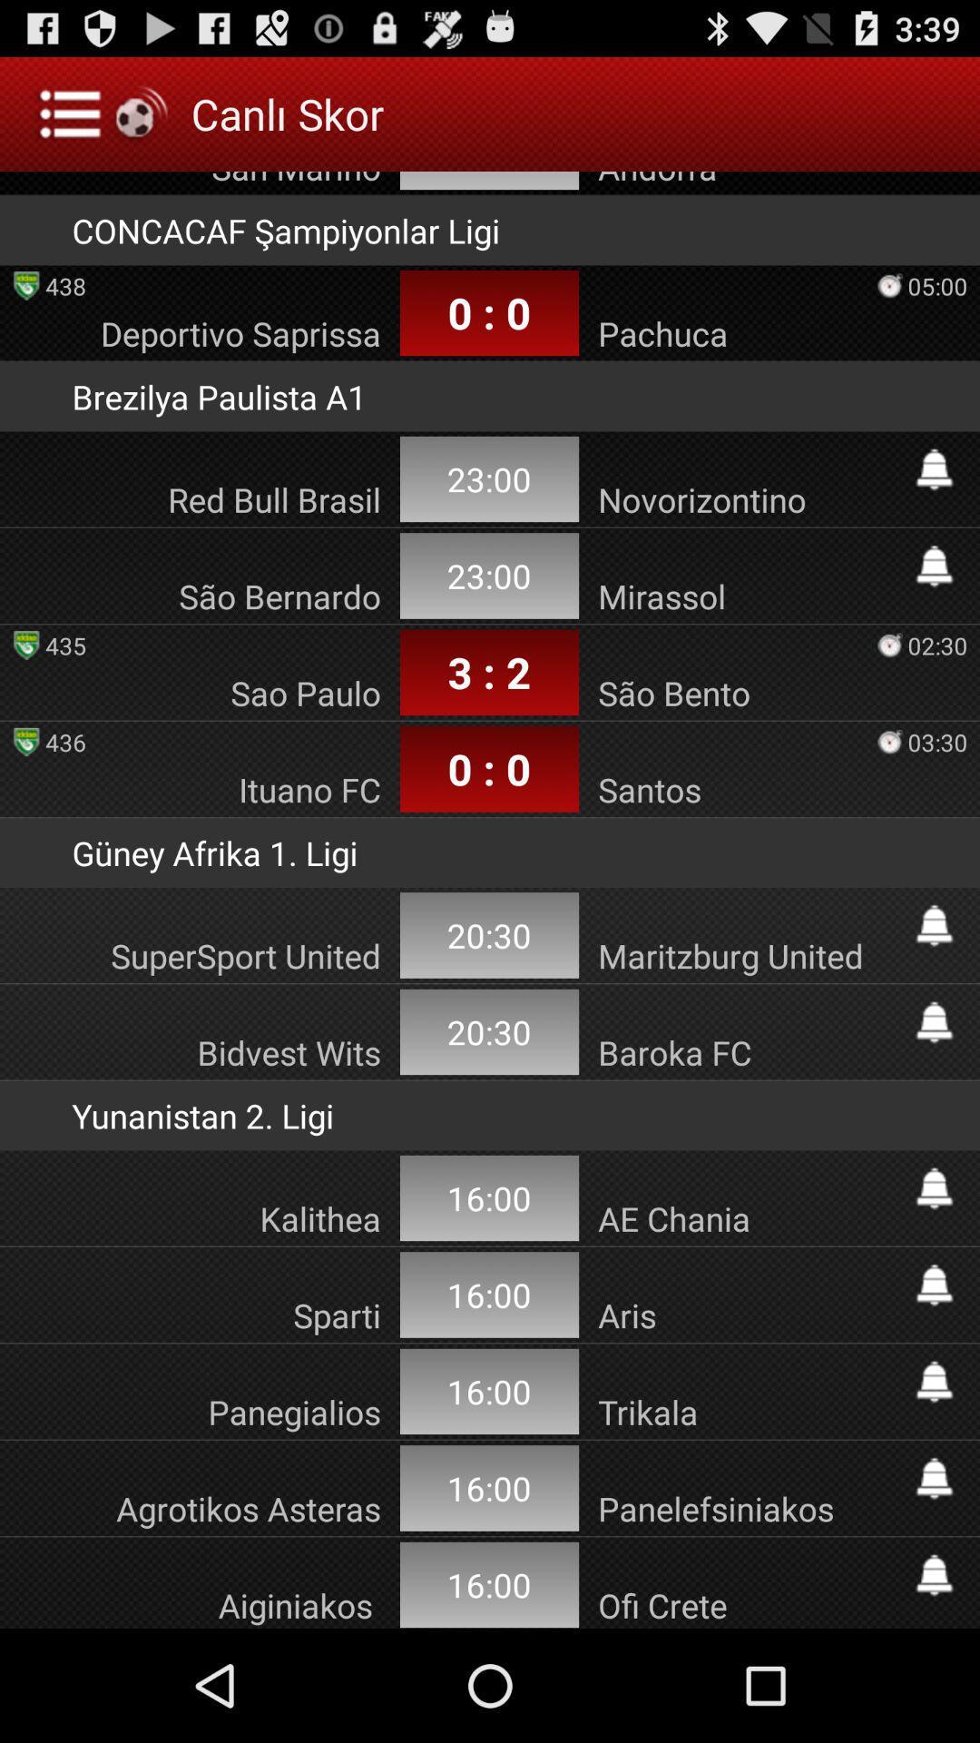 The height and width of the screenshot is (1743, 980). Describe the element at coordinates (934, 1188) in the screenshot. I see `notification` at that location.